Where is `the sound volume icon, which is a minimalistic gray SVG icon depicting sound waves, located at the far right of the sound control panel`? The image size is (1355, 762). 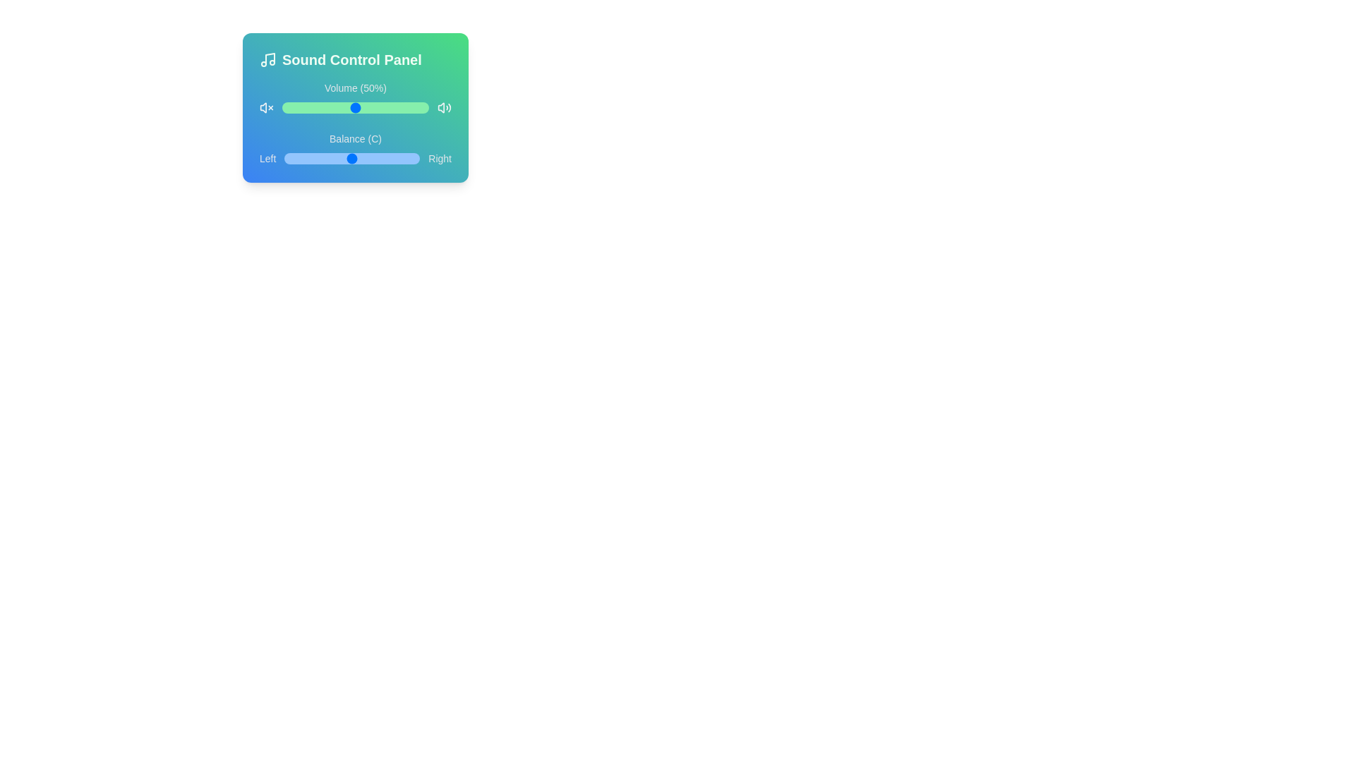
the sound volume icon, which is a minimalistic gray SVG icon depicting sound waves, located at the far right of the sound control panel is located at coordinates (443, 107).